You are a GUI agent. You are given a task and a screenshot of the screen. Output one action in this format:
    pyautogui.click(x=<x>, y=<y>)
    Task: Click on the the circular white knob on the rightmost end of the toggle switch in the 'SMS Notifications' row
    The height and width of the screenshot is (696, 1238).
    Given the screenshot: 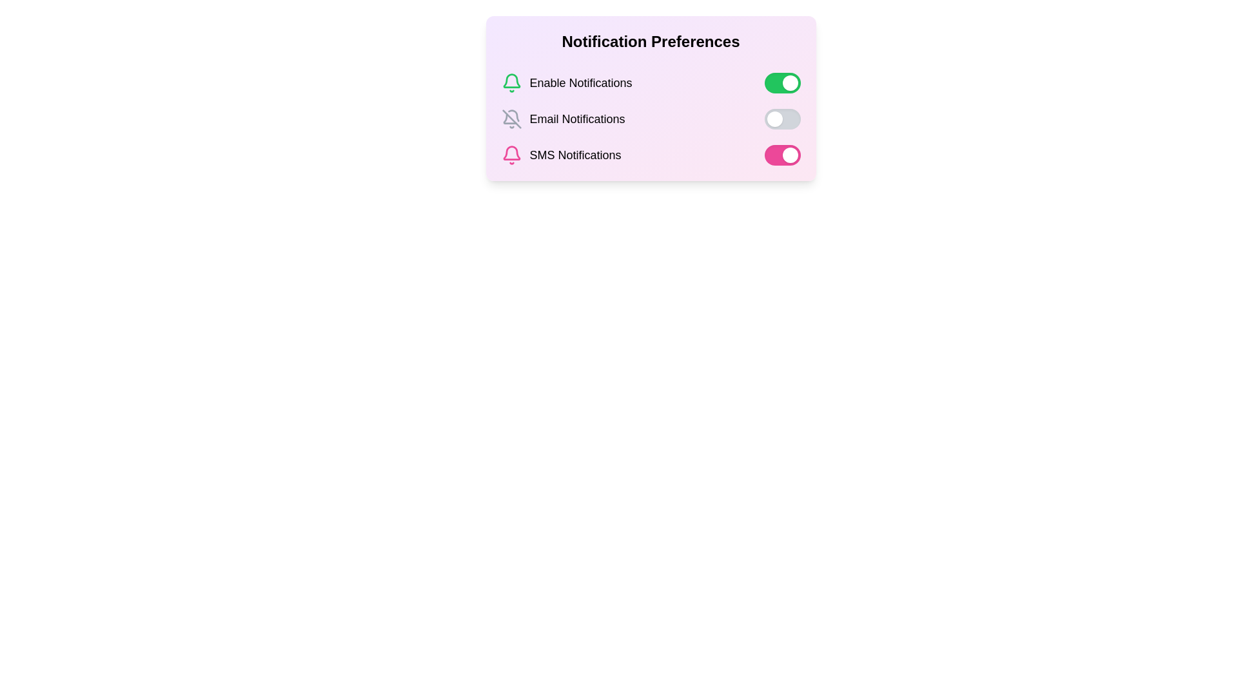 What is the action you would take?
    pyautogui.click(x=789, y=154)
    